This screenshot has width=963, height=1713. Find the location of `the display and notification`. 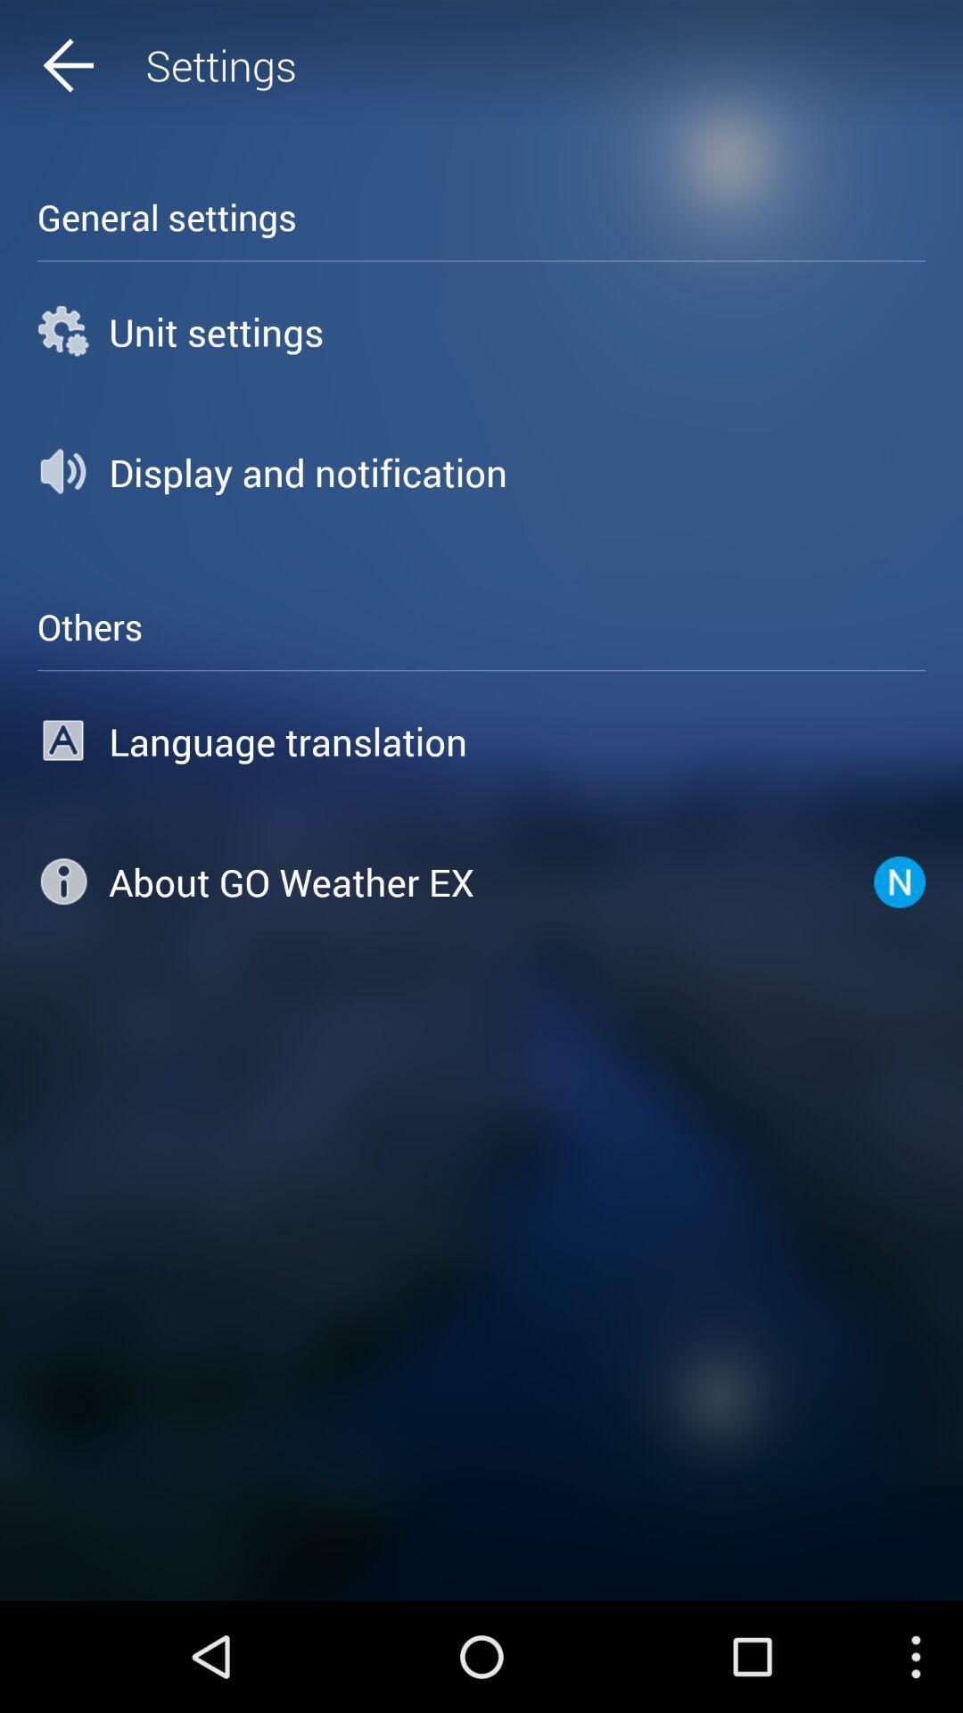

the display and notification is located at coordinates (481, 472).